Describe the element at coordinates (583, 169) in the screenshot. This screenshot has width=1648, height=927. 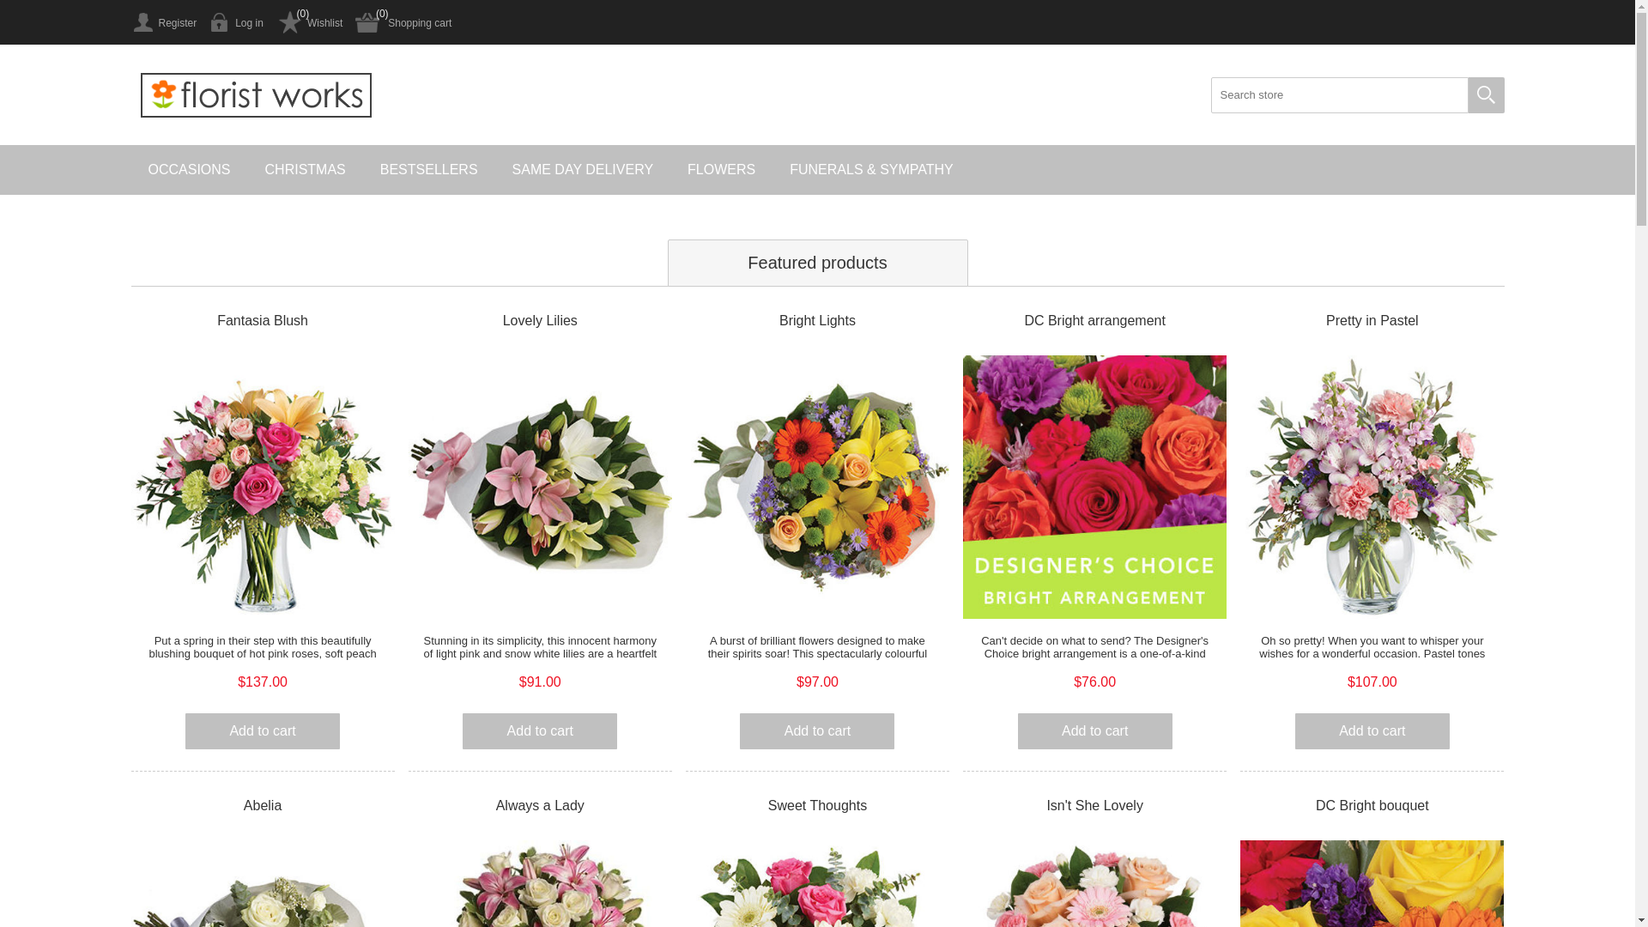
I see `'SAME DAY DELIVERY'` at that location.